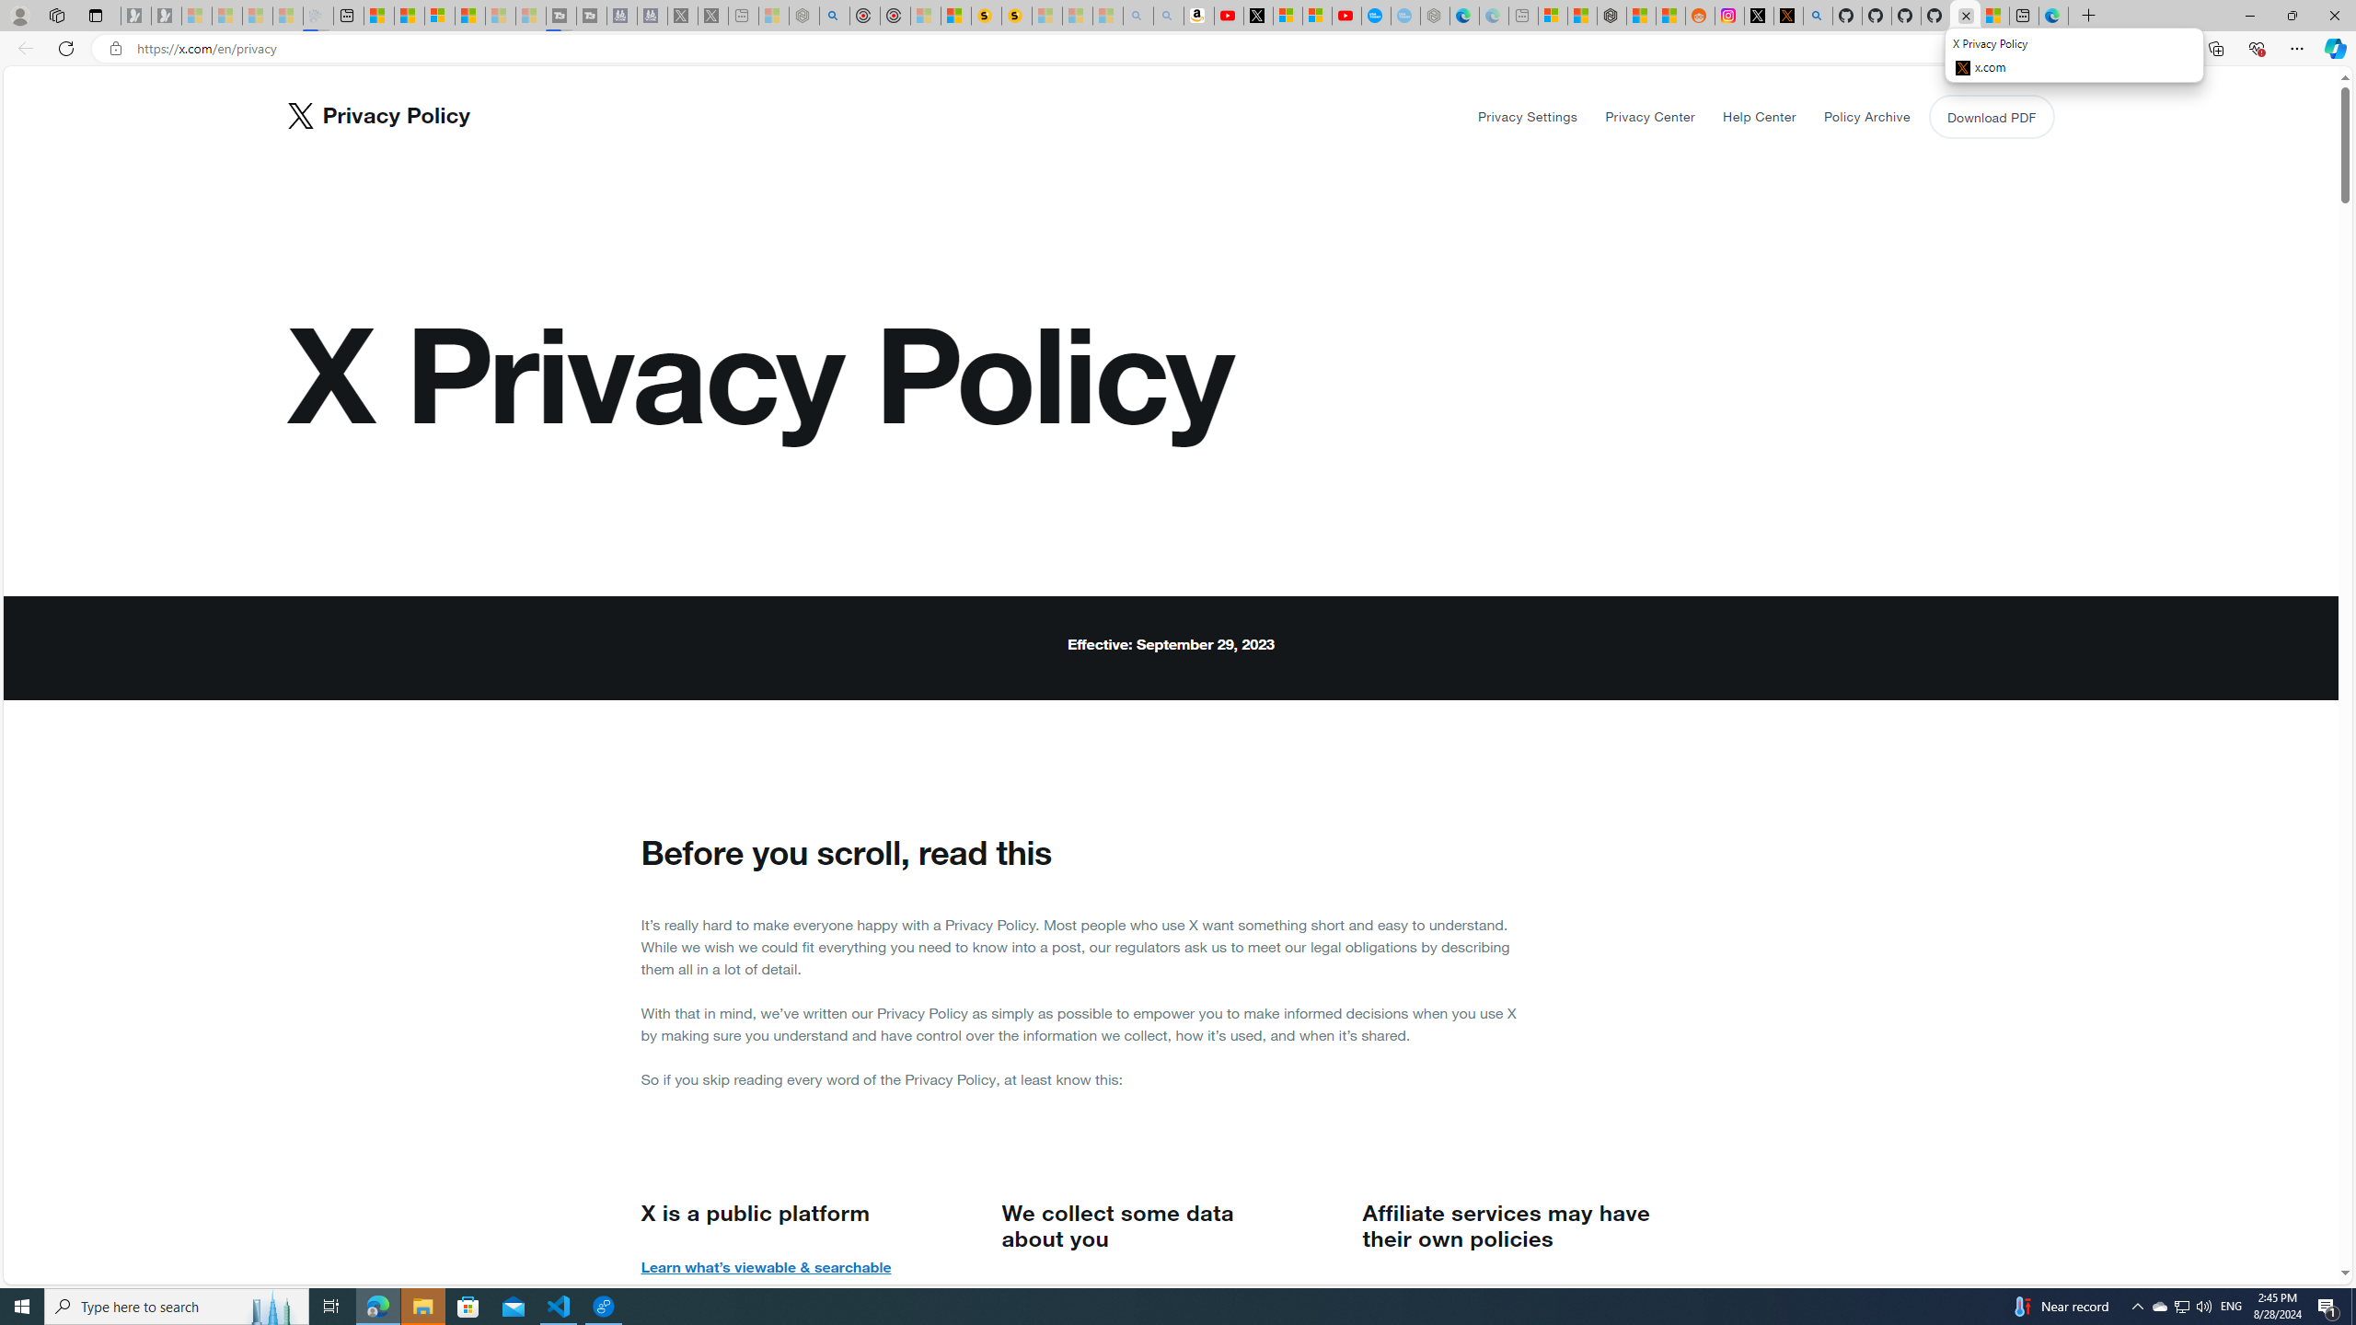 The width and height of the screenshot is (2356, 1325). What do you see at coordinates (1528, 116) in the screenshot?
I see `'Privacy Settings'` at bounding box center [1528, 116].